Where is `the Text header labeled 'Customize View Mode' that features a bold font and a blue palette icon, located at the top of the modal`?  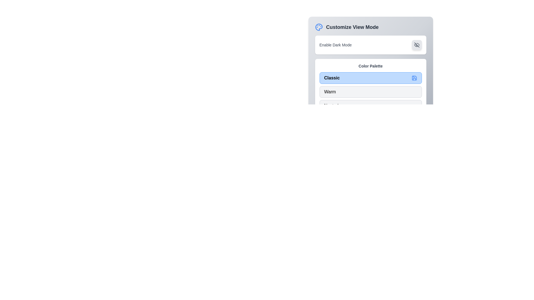
the Text header labeled 'Customize View Mode' that features a bold font and a blue palette icon, located at the top of the modal is located at coordinates (370, 27).